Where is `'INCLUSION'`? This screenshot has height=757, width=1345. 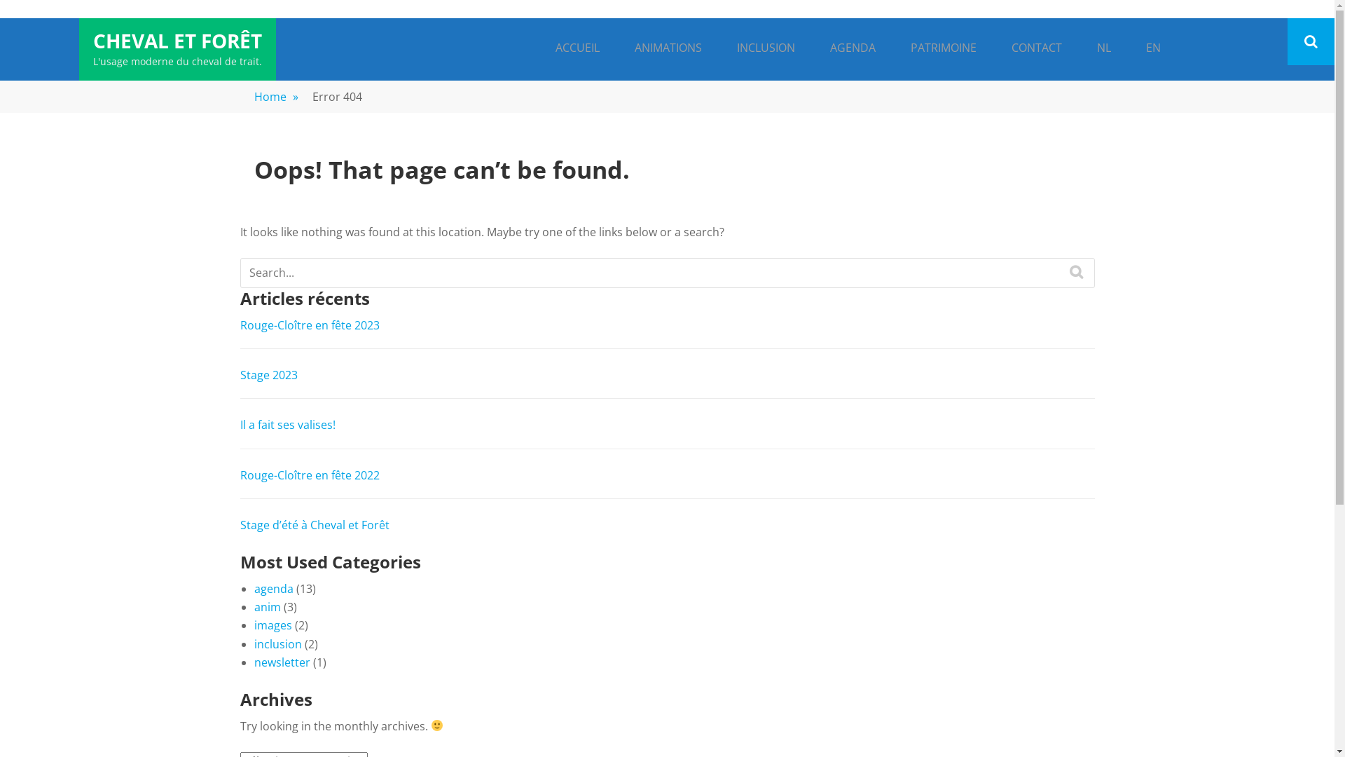 'INCLUSION' is located at coordinates (764, 48).